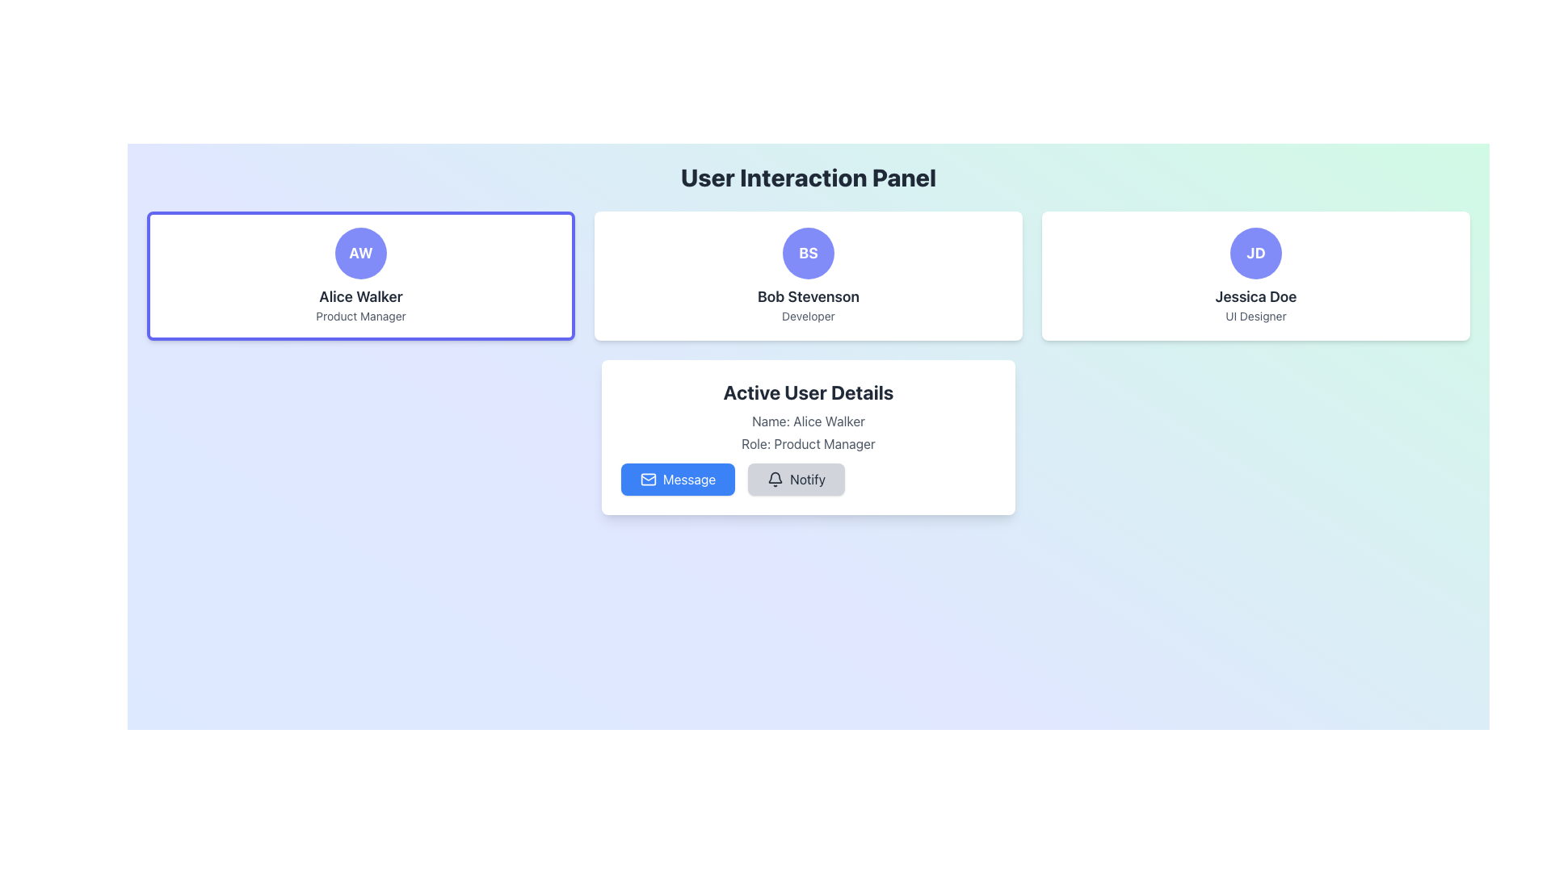  What do you see at coordinates (359, 296) in the screenshot?
I see `the text label displaying 'Alice Walker' which is styled in bold font and located between the profile icon and the description text` at bounding box center [359, 296].